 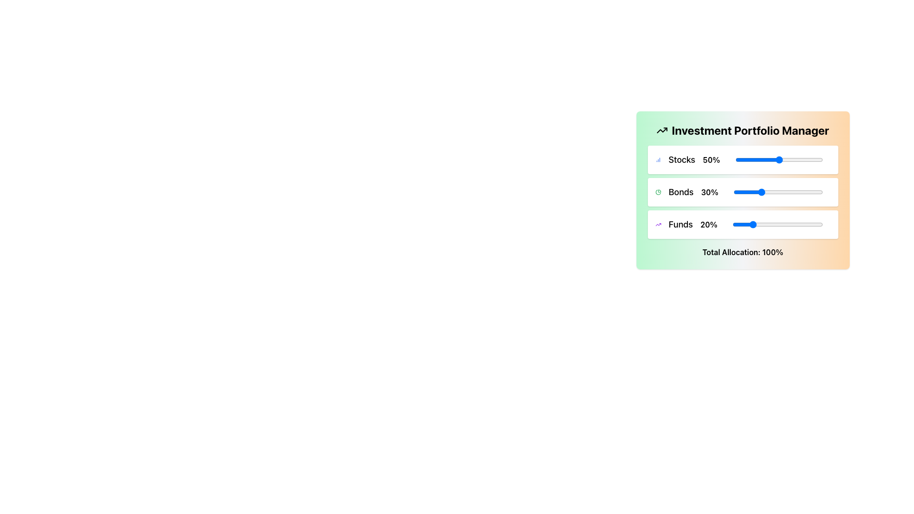 I want to click on the 'Bonds' allocation, so click(x=796, y=192).